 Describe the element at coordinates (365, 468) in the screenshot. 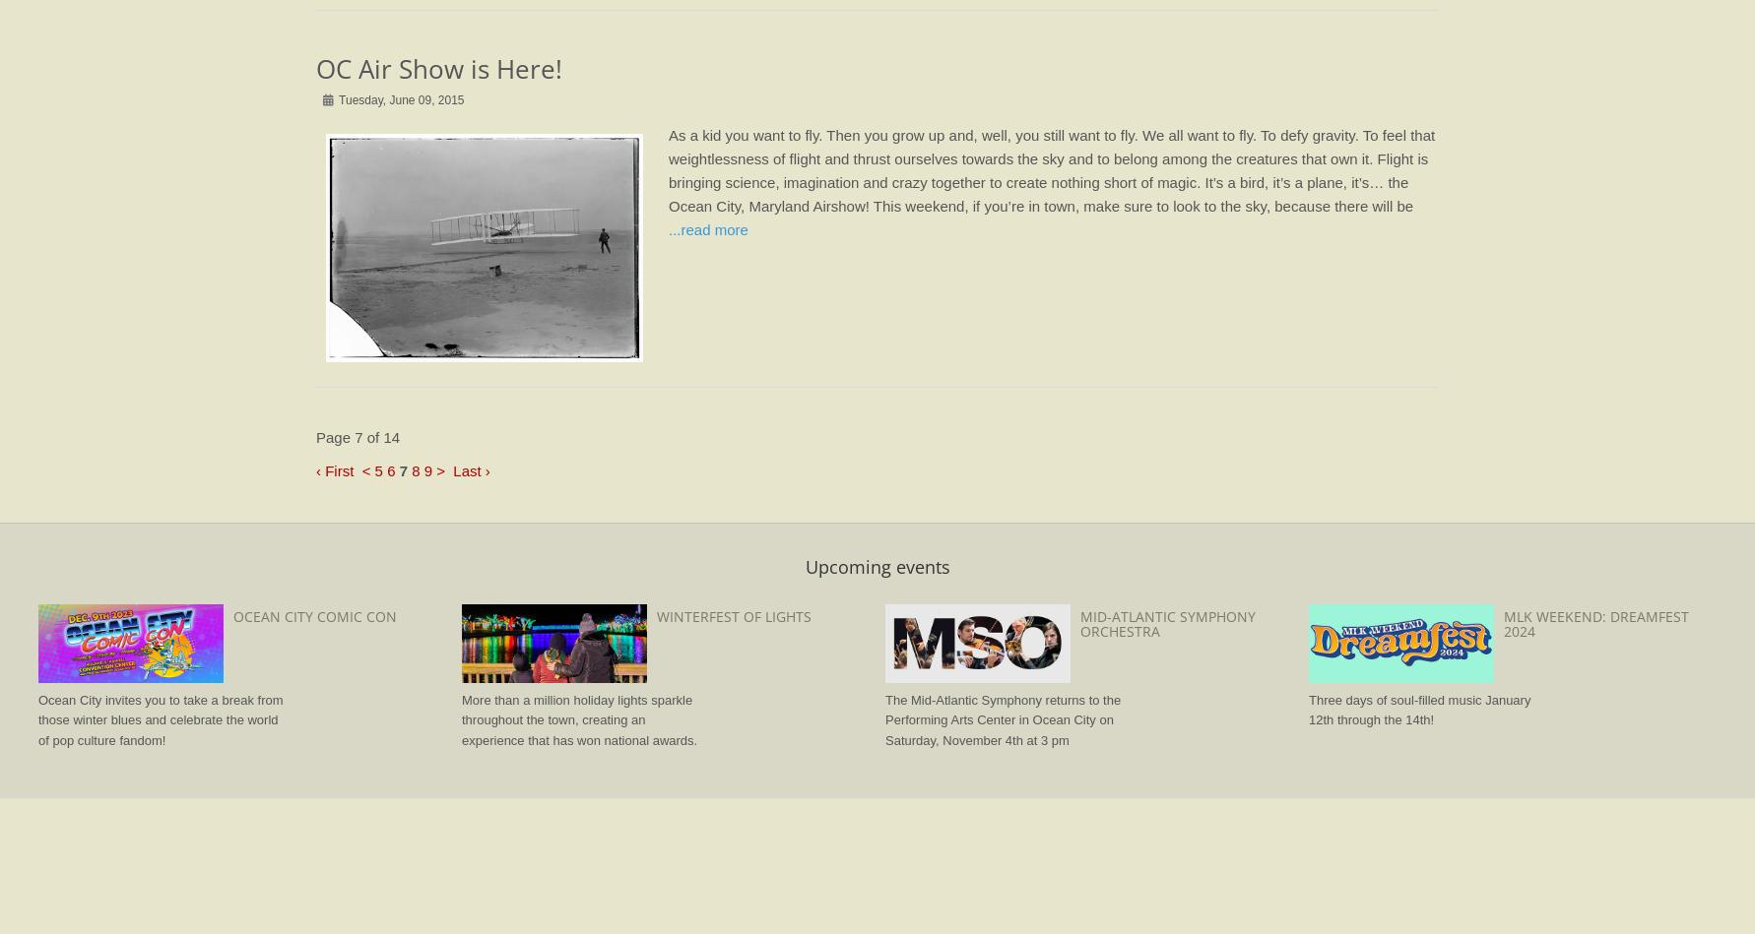

I see `'<'` at that location.